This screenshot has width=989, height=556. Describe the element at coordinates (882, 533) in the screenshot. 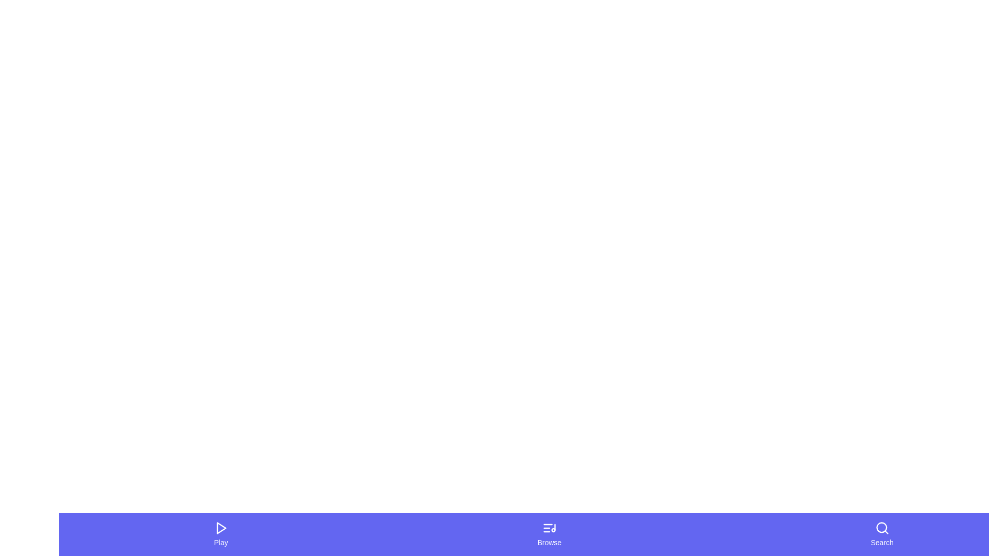

I see `the Search button in the bottom navigation bar` at that location.